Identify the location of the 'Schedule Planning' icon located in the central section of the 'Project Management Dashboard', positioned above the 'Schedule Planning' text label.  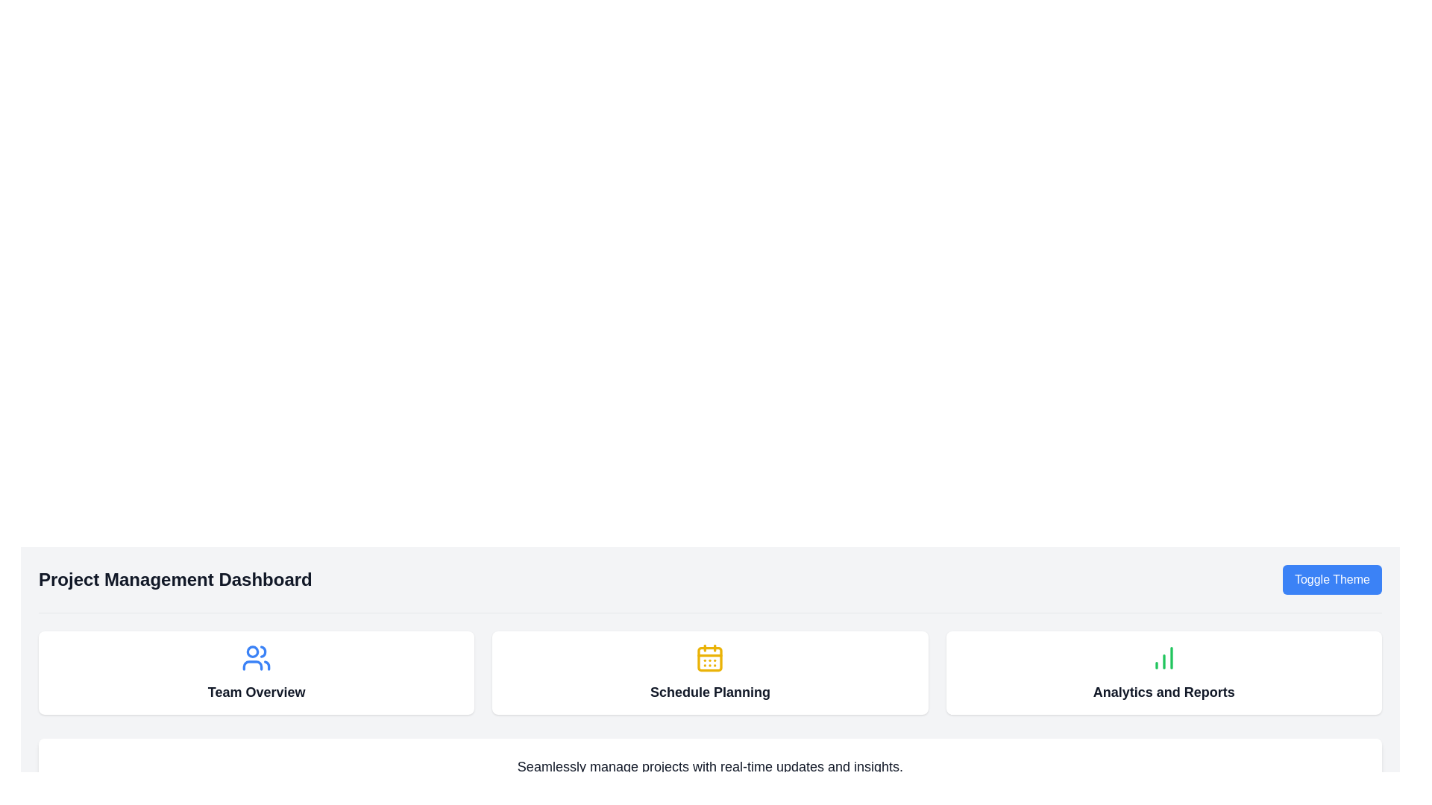
(709, 657).